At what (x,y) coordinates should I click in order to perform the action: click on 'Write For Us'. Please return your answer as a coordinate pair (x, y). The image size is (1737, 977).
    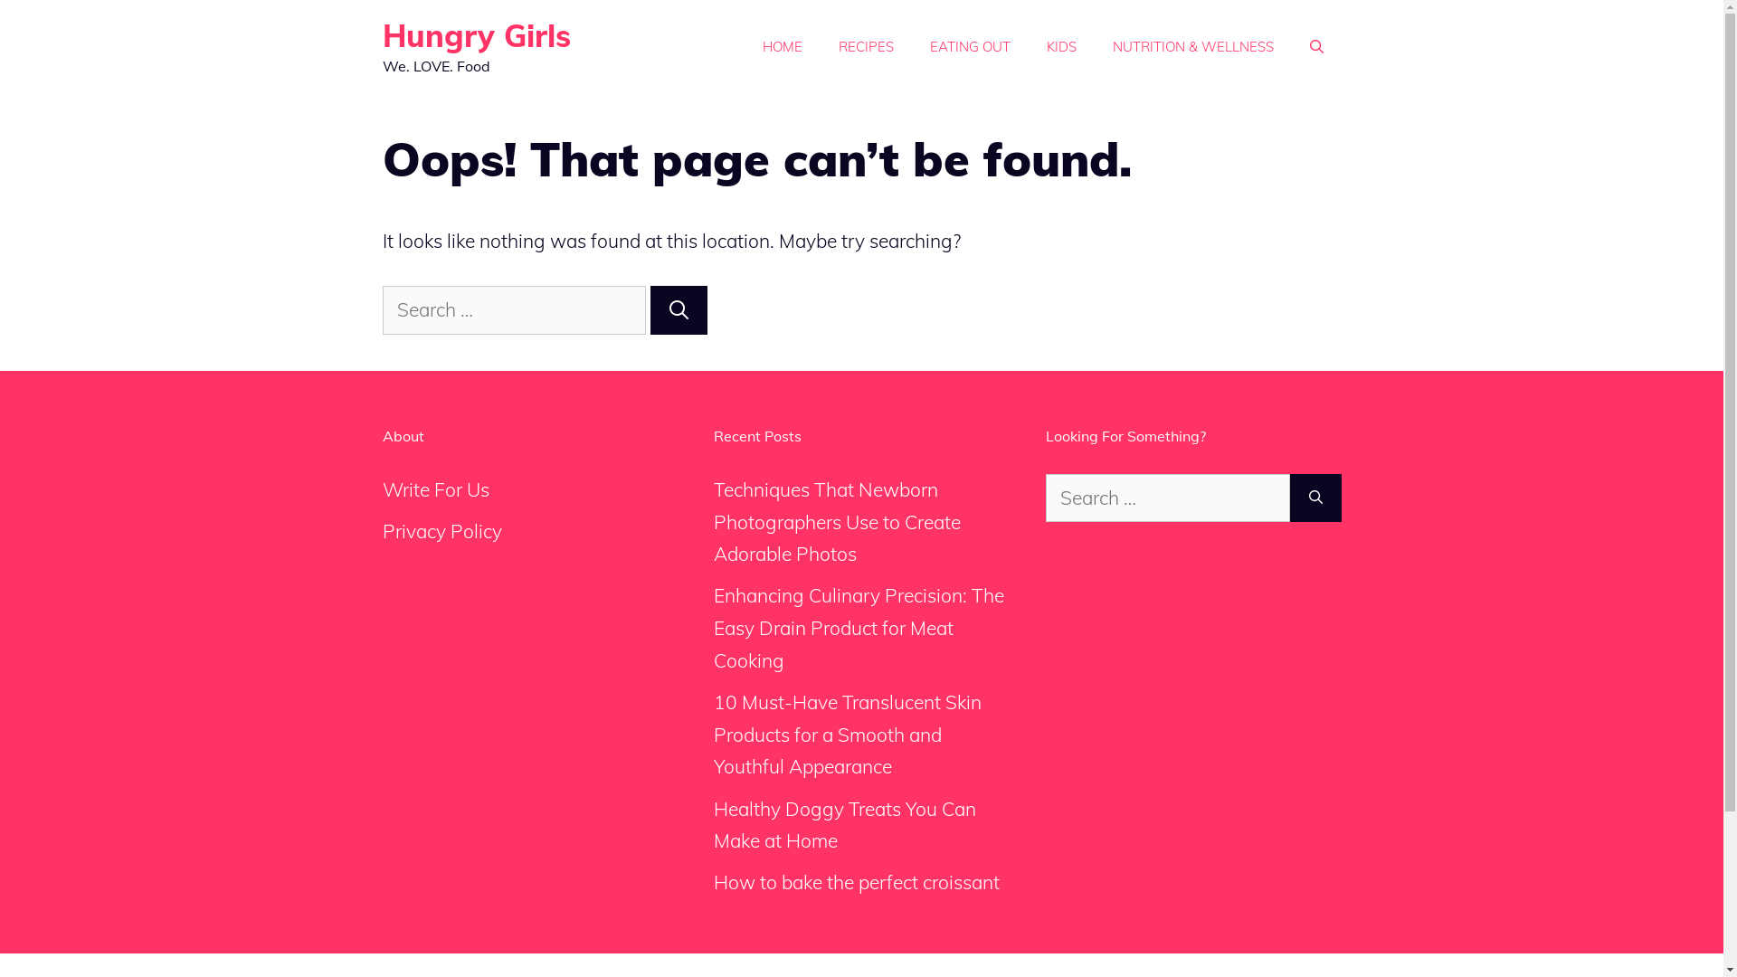
    Looking at the image, I should click on (381, 488).